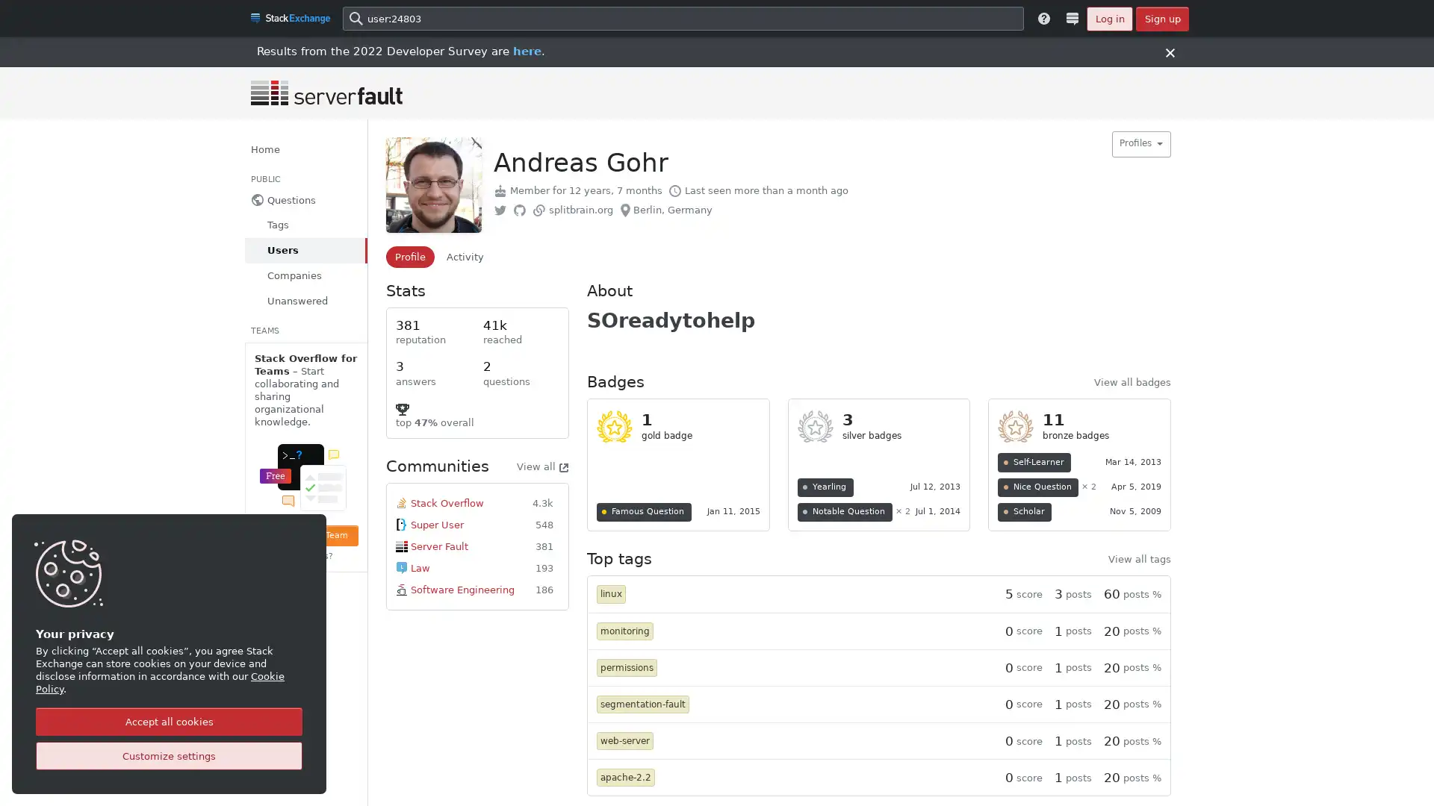  Describe the element at coordinates (169, 721) in the screenshot. I see `Accept all cookies` at that location.